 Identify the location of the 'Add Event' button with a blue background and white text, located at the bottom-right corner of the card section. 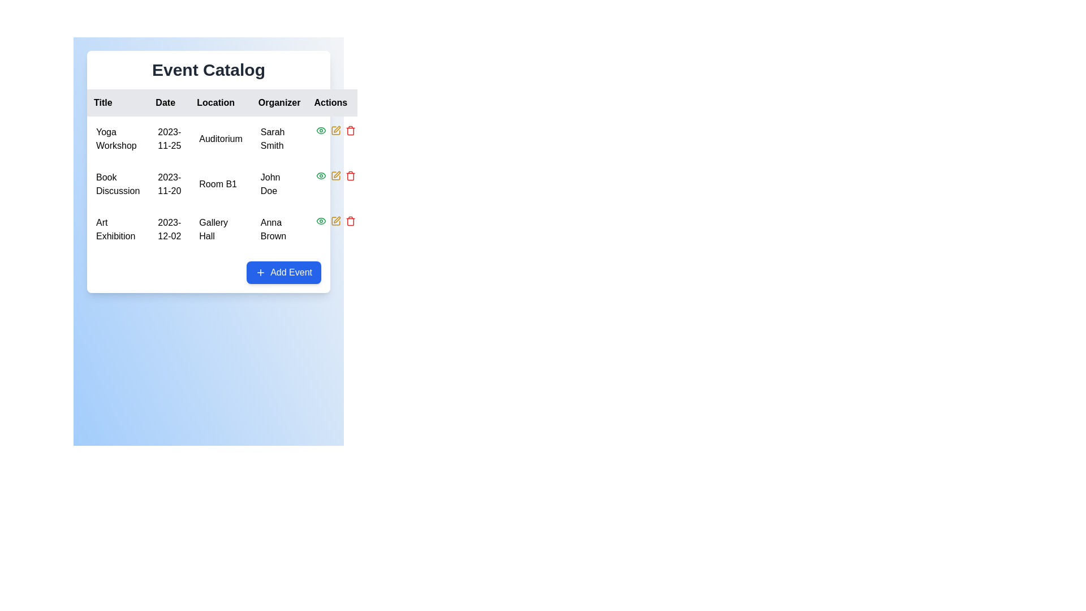
(284, 273).